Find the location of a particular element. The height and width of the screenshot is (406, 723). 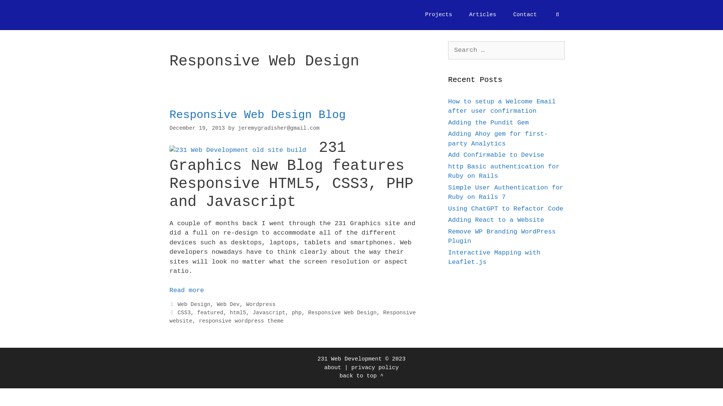

'Articles' is located at coordinates (482, 15).